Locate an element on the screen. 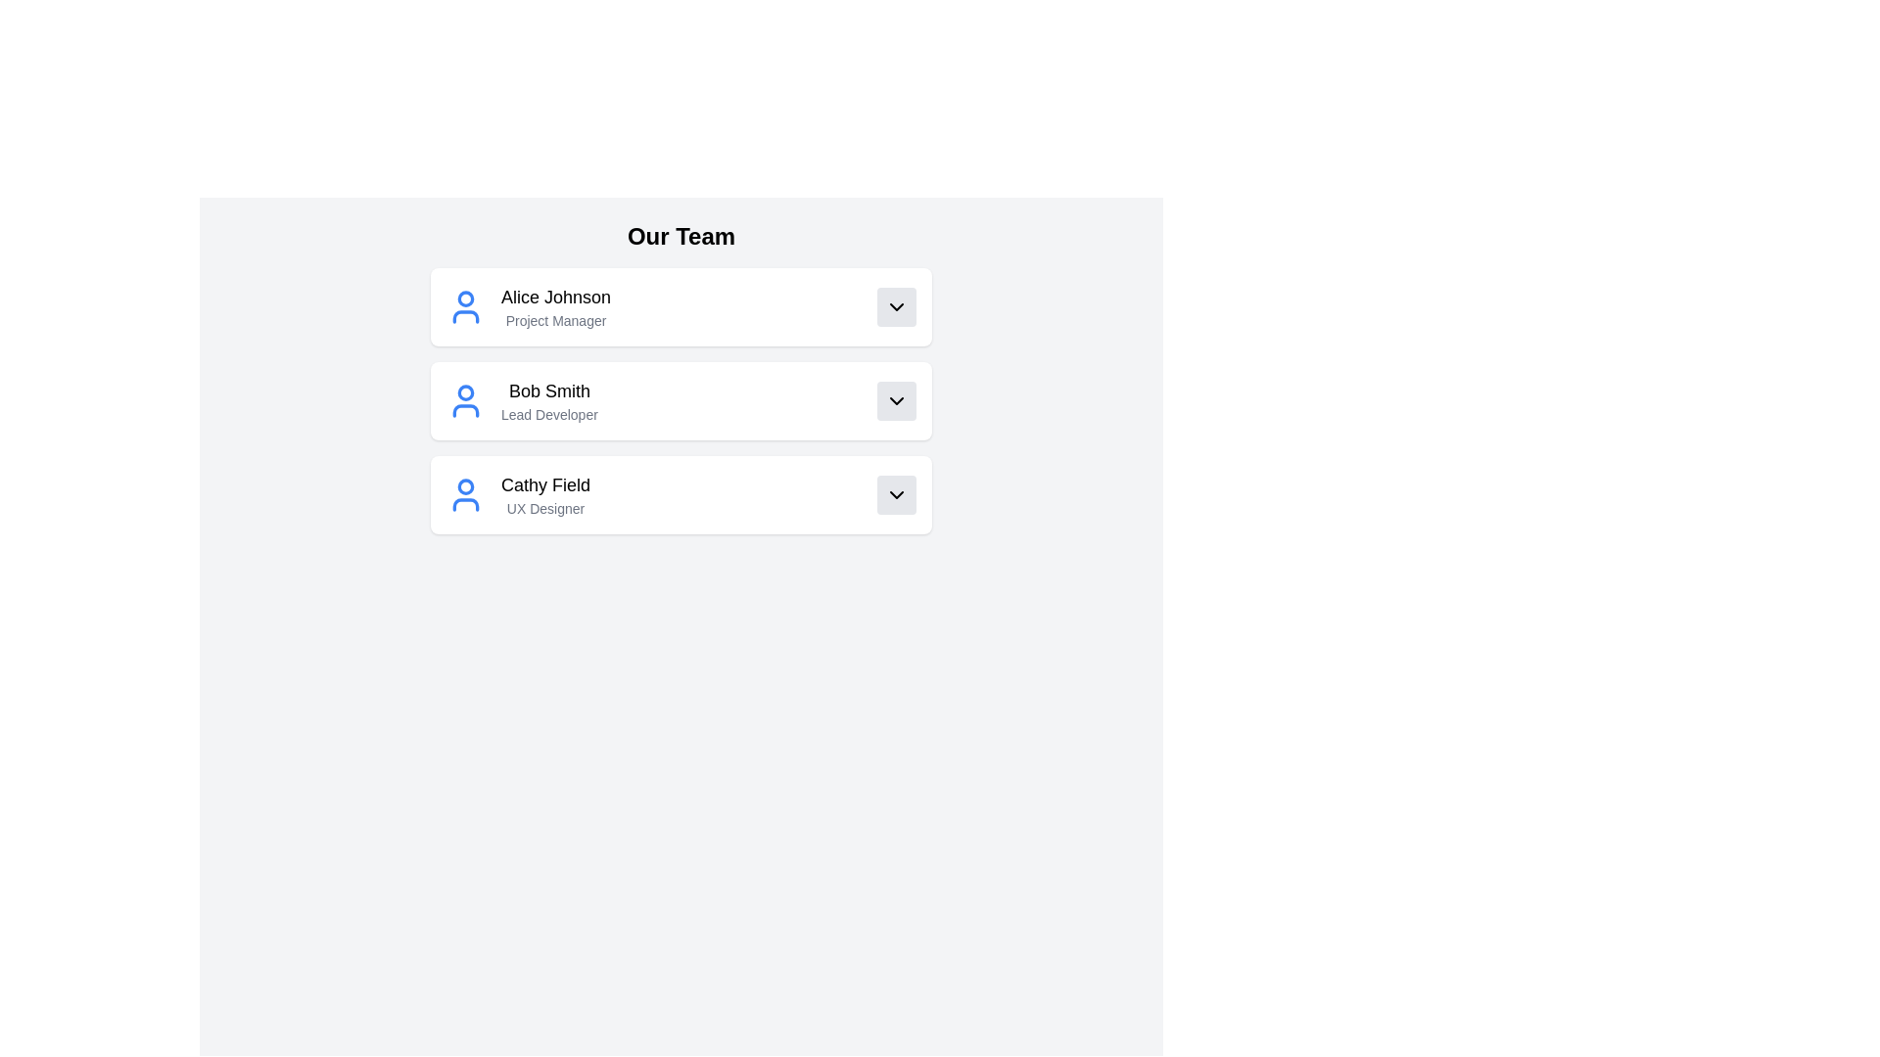  Text Label displaying 'UX Designer', which is styled in a small, gray font and positioned below 'Cathy Field' in the third entry of the list is located at coordinates (545, 508).